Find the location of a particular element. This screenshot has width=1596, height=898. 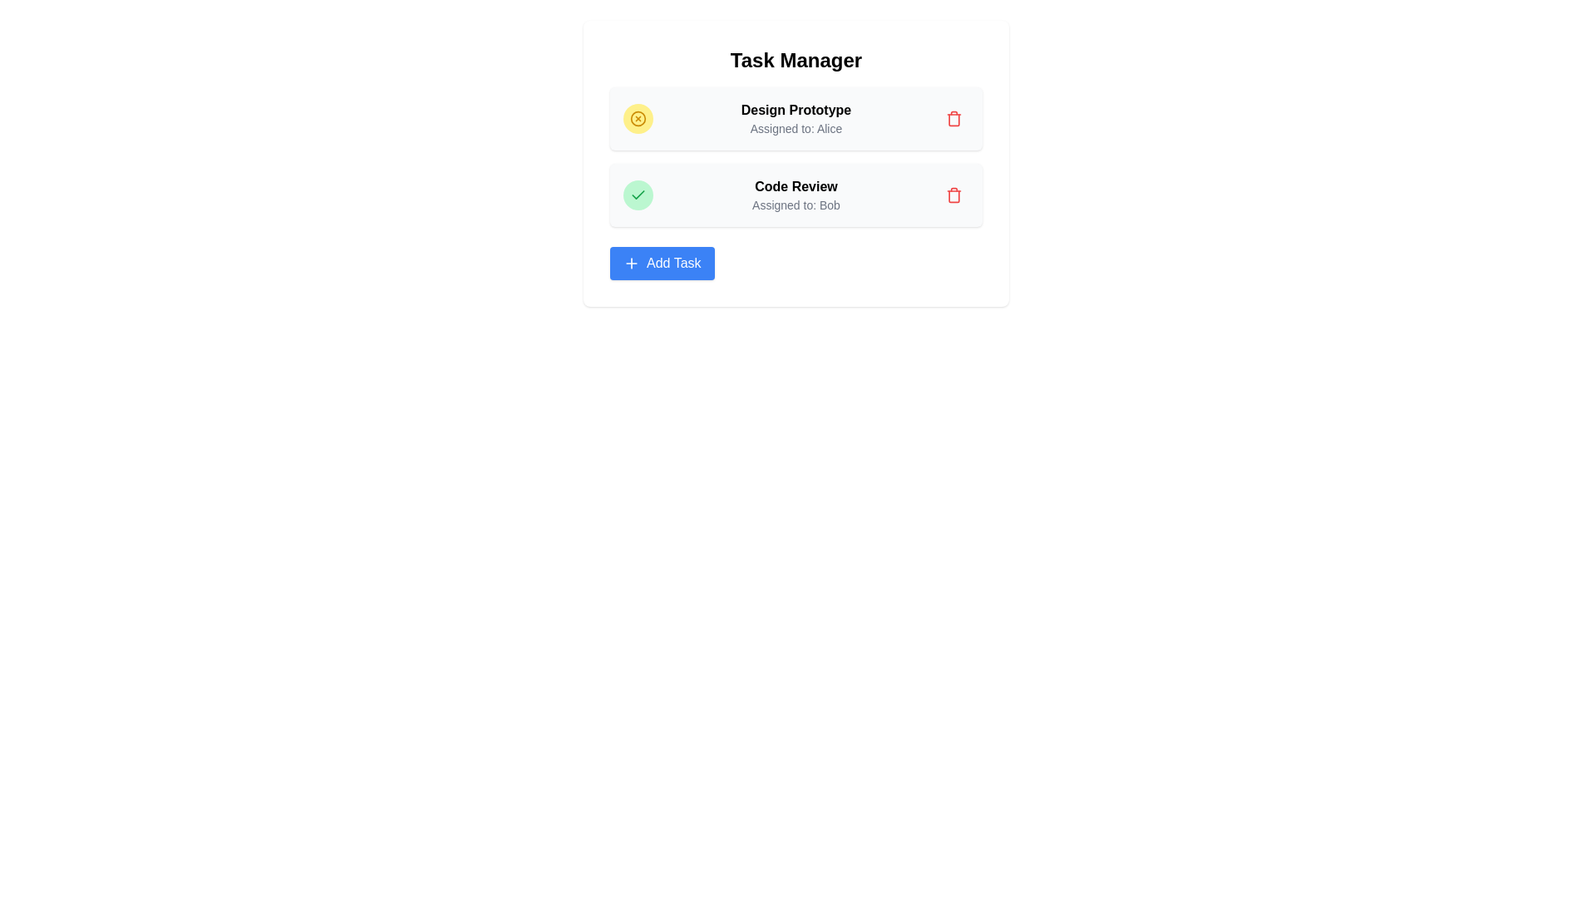

the circular green icon button with a checkmark symbol located in the left part of the 'Code Review' task box is located at coordinates (638, 195).